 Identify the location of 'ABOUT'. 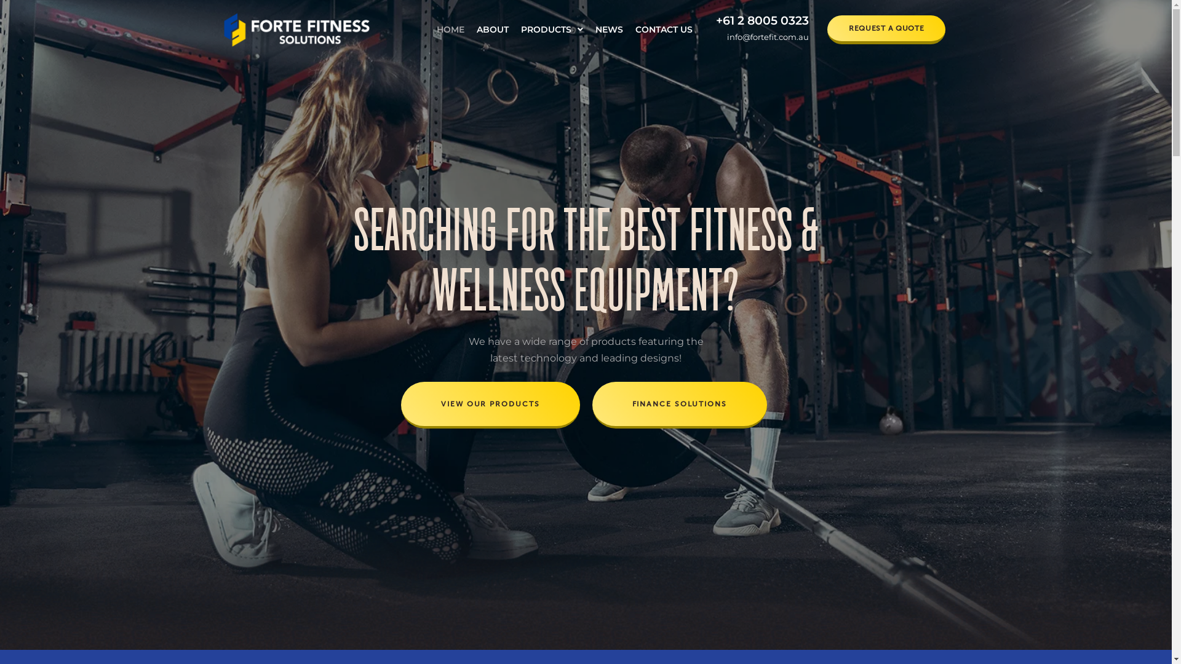
(493, 28).